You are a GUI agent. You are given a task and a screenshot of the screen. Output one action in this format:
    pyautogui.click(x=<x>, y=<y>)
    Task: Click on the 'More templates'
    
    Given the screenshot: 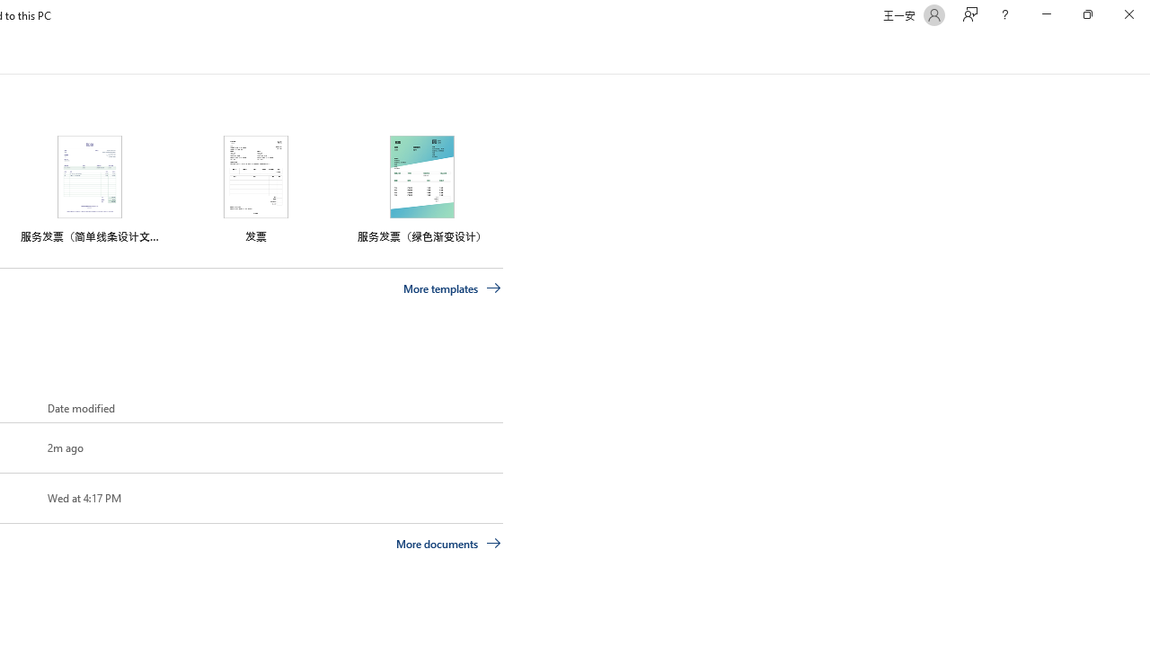 What is the action you would take?
    pyautogui.click(x=452, y=288)
    